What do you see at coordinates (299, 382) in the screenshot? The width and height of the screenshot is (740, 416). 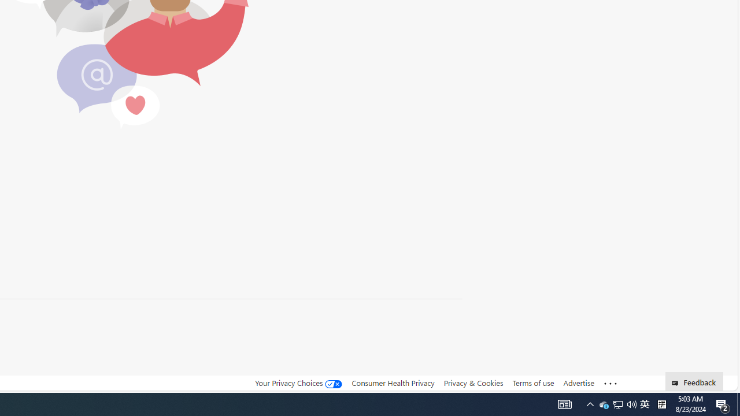 I see `'Your Privacy Choices'` at bounding box center [299, 382].